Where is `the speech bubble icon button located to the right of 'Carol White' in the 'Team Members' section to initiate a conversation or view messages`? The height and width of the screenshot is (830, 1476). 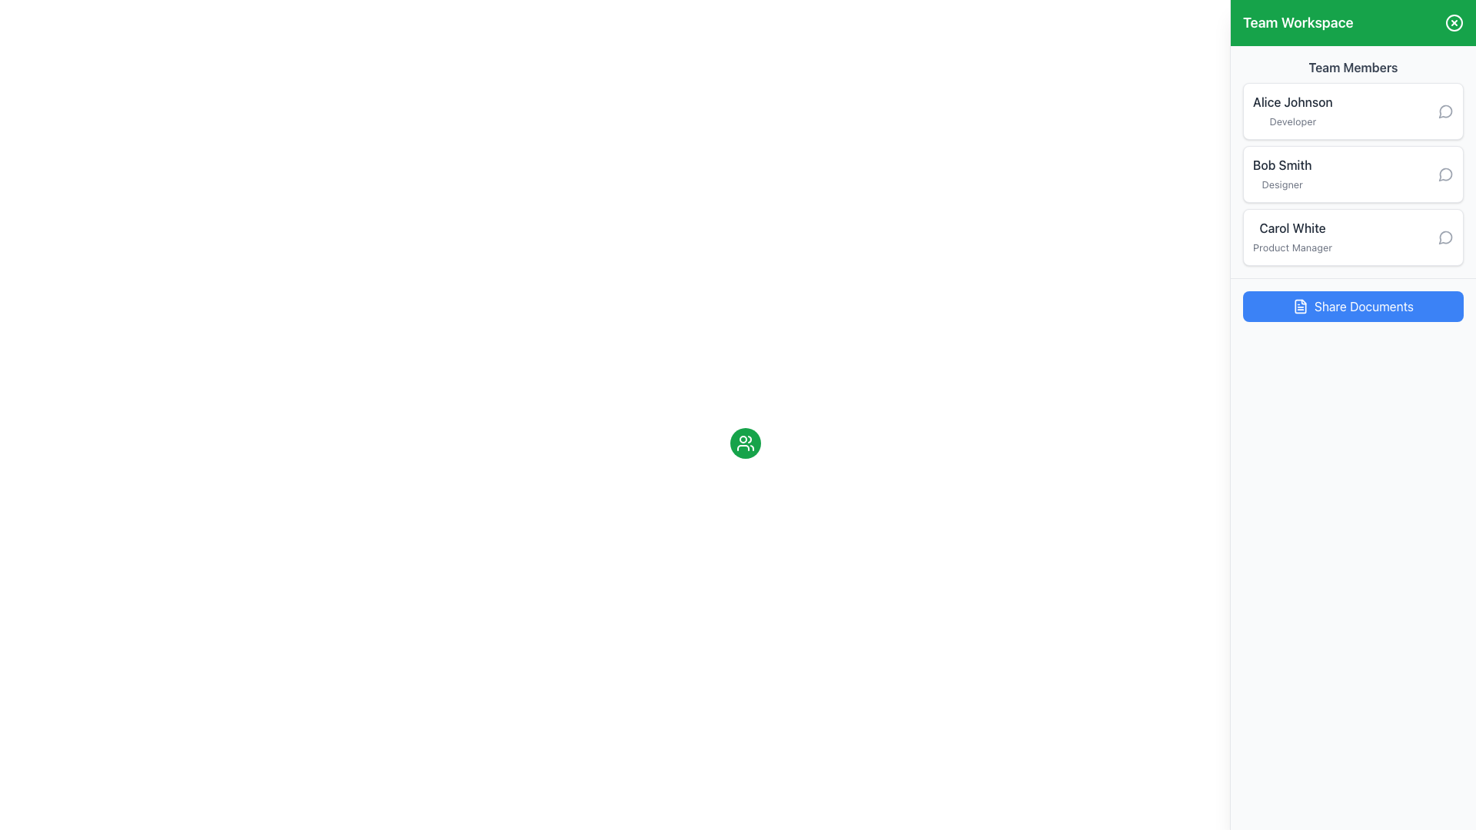 the speech bubble icon button located to the right of 'Carol White' in the 'Team Members' section to initiate a conversation or view messages is located at coordinates (1445, 237).